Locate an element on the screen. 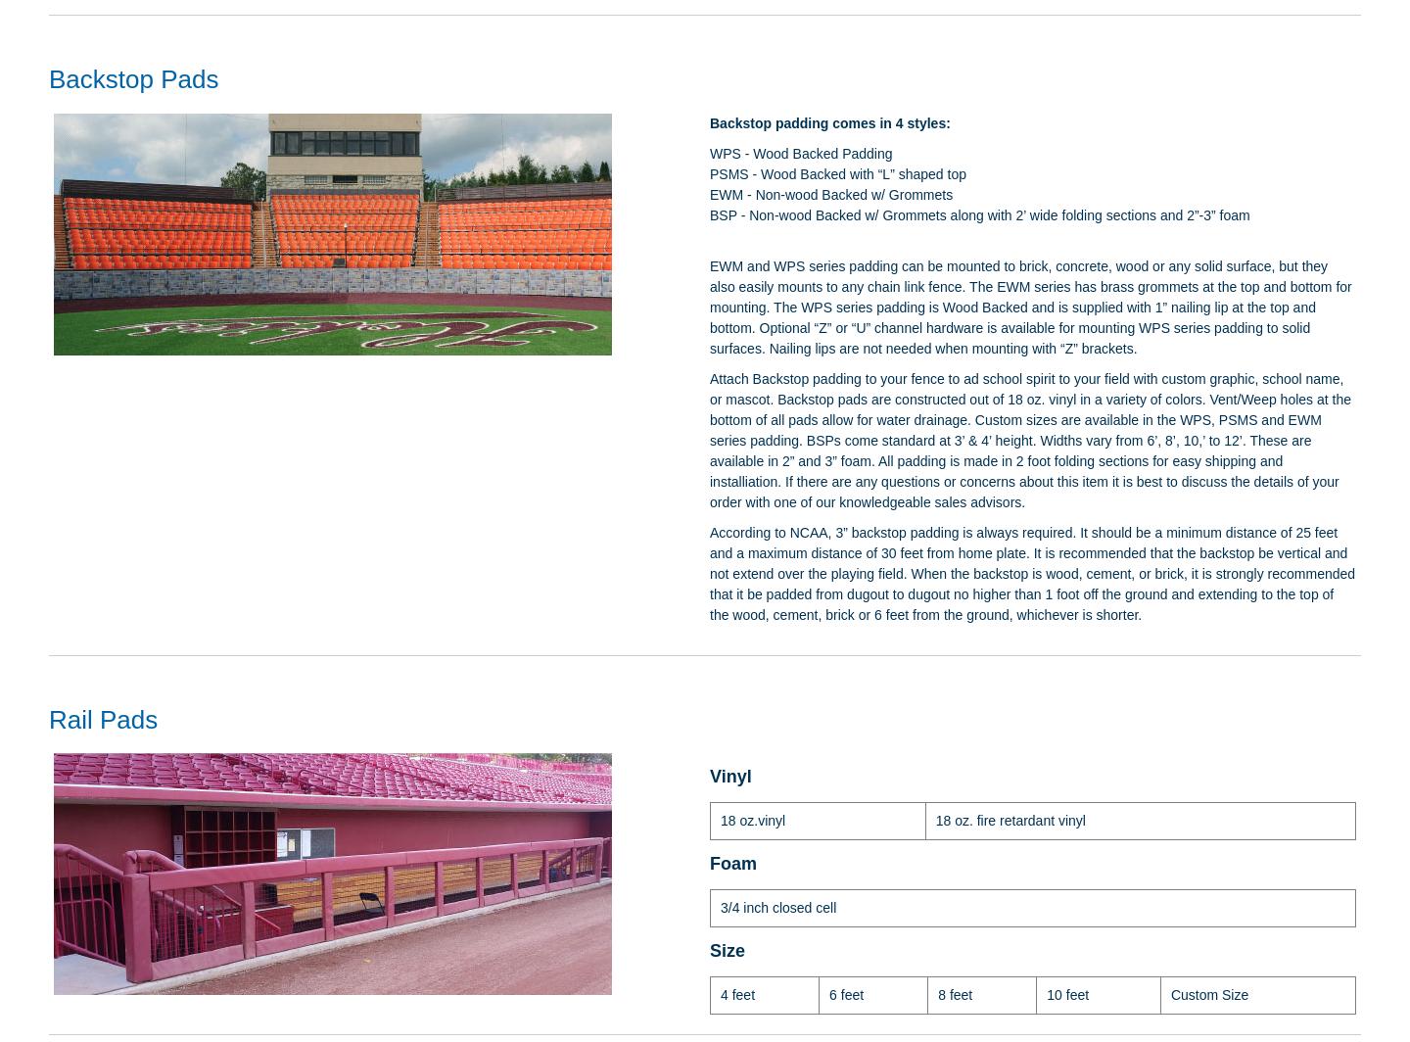 The width and height of the screenshot is (1410, 1042). '8 feet' is located at coordinates (938, 993).